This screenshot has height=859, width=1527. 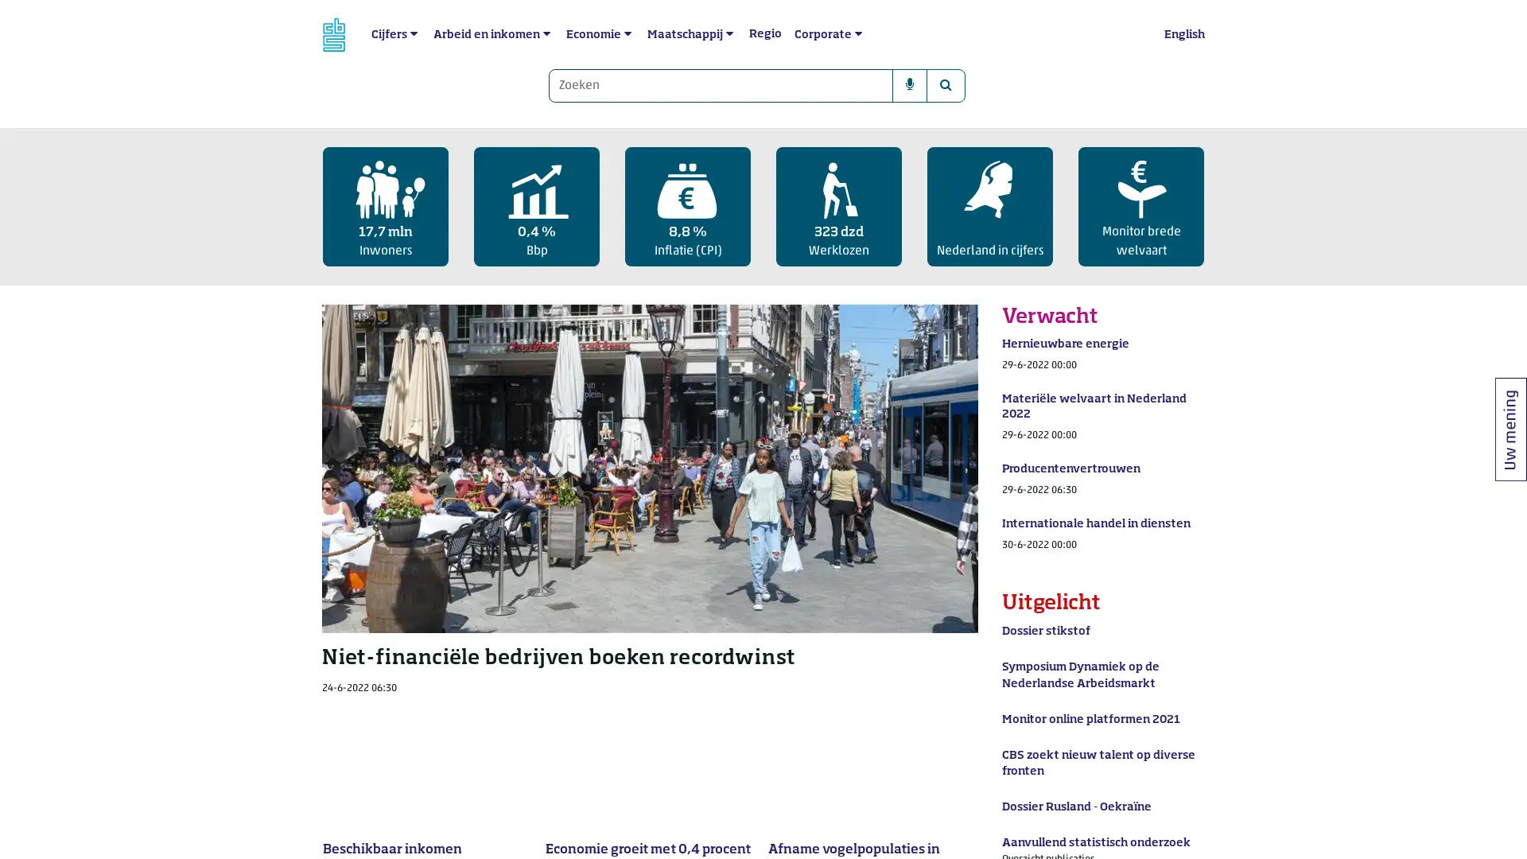 What do you see at coordinates (729, 33) in the screenshot?
I see `submenu Maatschappij` at bounding box center [729, 33].